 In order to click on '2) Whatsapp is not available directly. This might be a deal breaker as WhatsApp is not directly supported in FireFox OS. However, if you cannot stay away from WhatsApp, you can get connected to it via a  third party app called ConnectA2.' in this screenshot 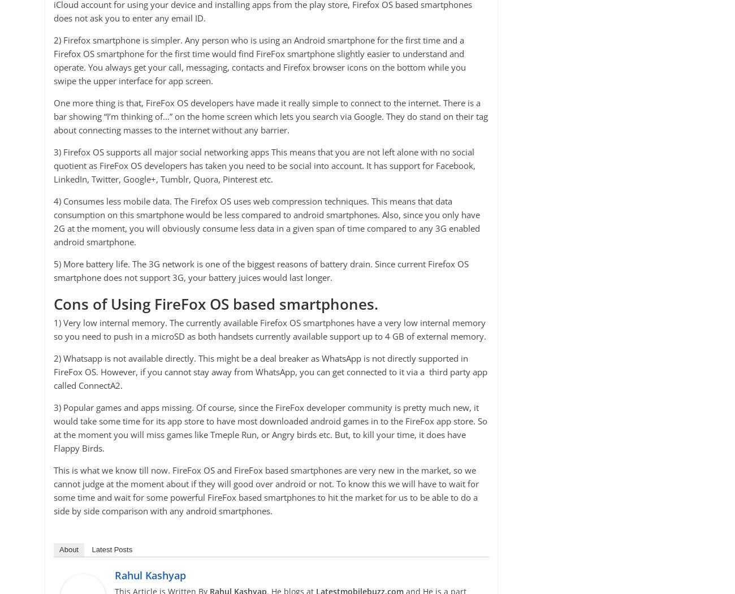, I will do `click(54, 371)`.